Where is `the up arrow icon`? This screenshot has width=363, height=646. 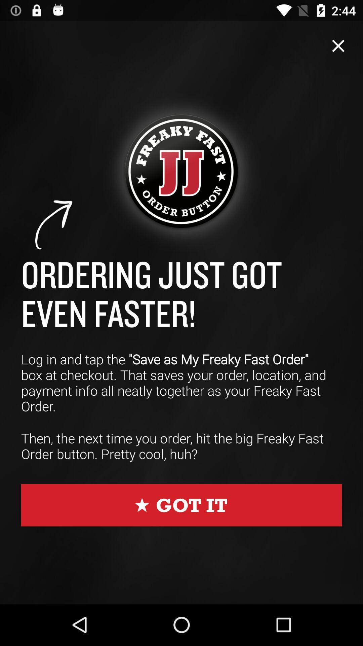
the up arrow icon is located at coordinates (54, 225).